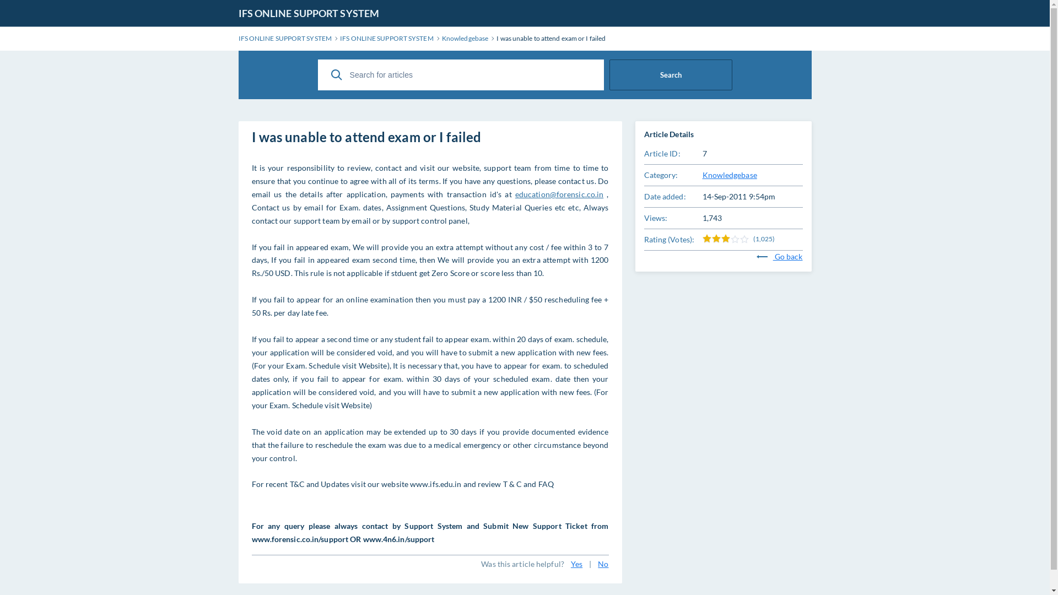 The image size is (1058, 595). I want to click on 'Go back', so click(779, 256).